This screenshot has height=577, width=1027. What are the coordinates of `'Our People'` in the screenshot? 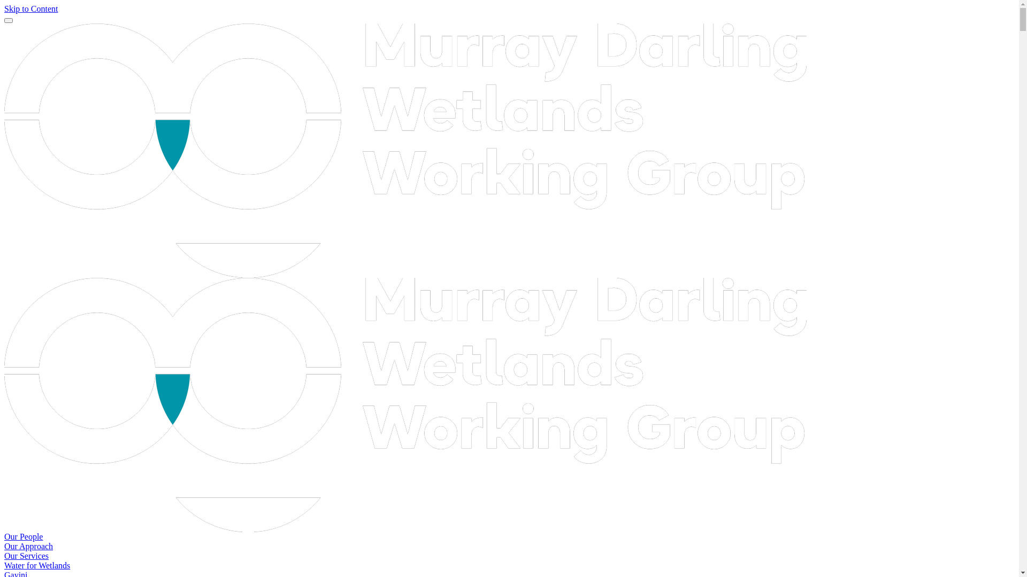 It's located at (23, 536).